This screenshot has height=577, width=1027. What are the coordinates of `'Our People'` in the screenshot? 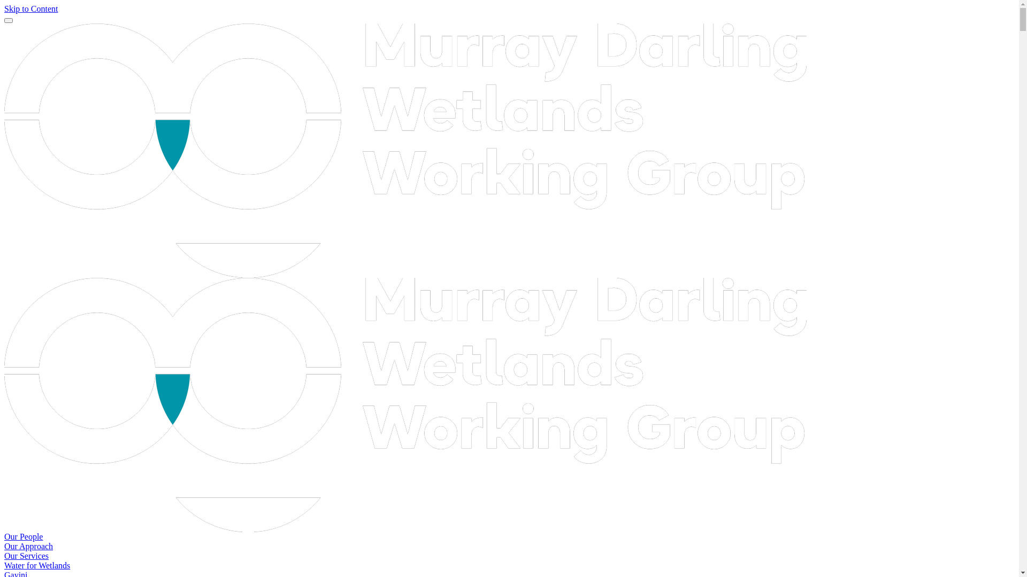 It's located at (23, 536).